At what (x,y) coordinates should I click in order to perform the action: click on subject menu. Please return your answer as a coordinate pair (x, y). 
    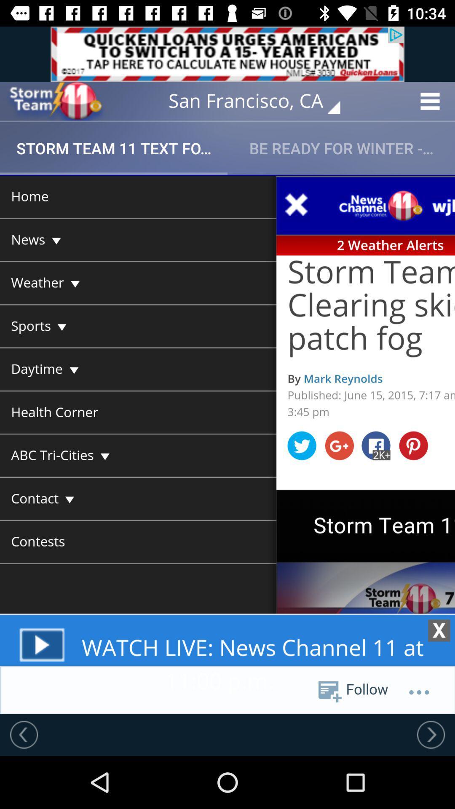
    Looking at the image, I should click on (227, 444).